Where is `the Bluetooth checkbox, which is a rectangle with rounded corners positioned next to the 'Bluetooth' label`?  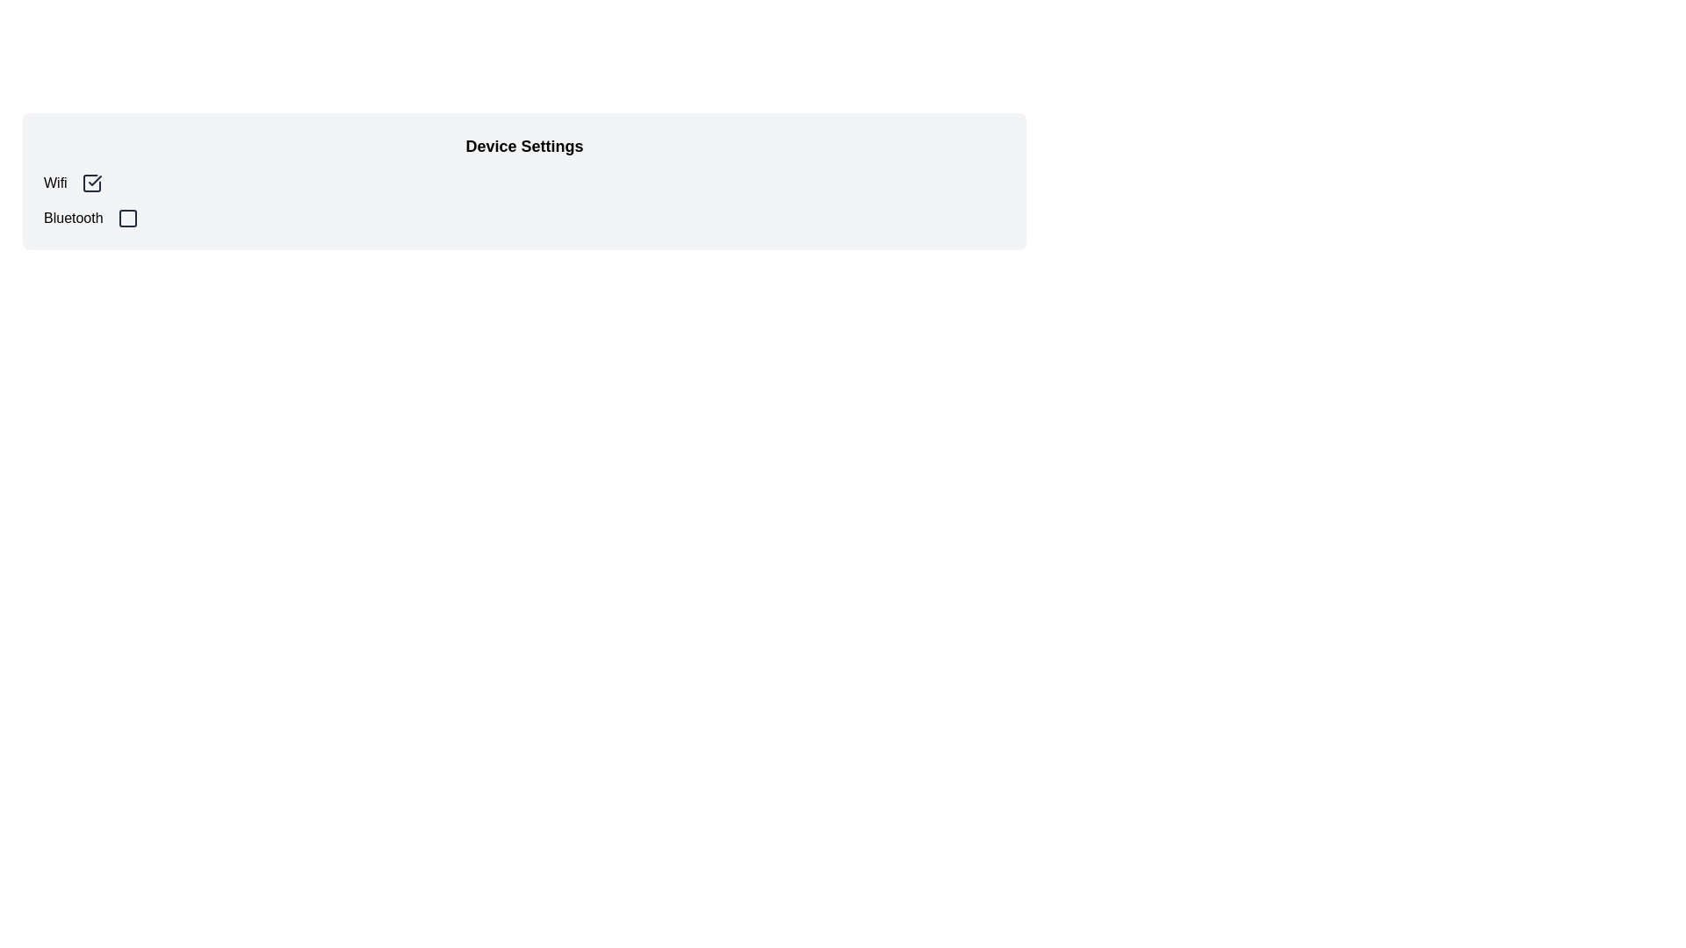
the Bluetooth checkbox, which is a rectangle with rounded corners positioned next to the 'Bluetooth' label is located at coordinates (126, 218).